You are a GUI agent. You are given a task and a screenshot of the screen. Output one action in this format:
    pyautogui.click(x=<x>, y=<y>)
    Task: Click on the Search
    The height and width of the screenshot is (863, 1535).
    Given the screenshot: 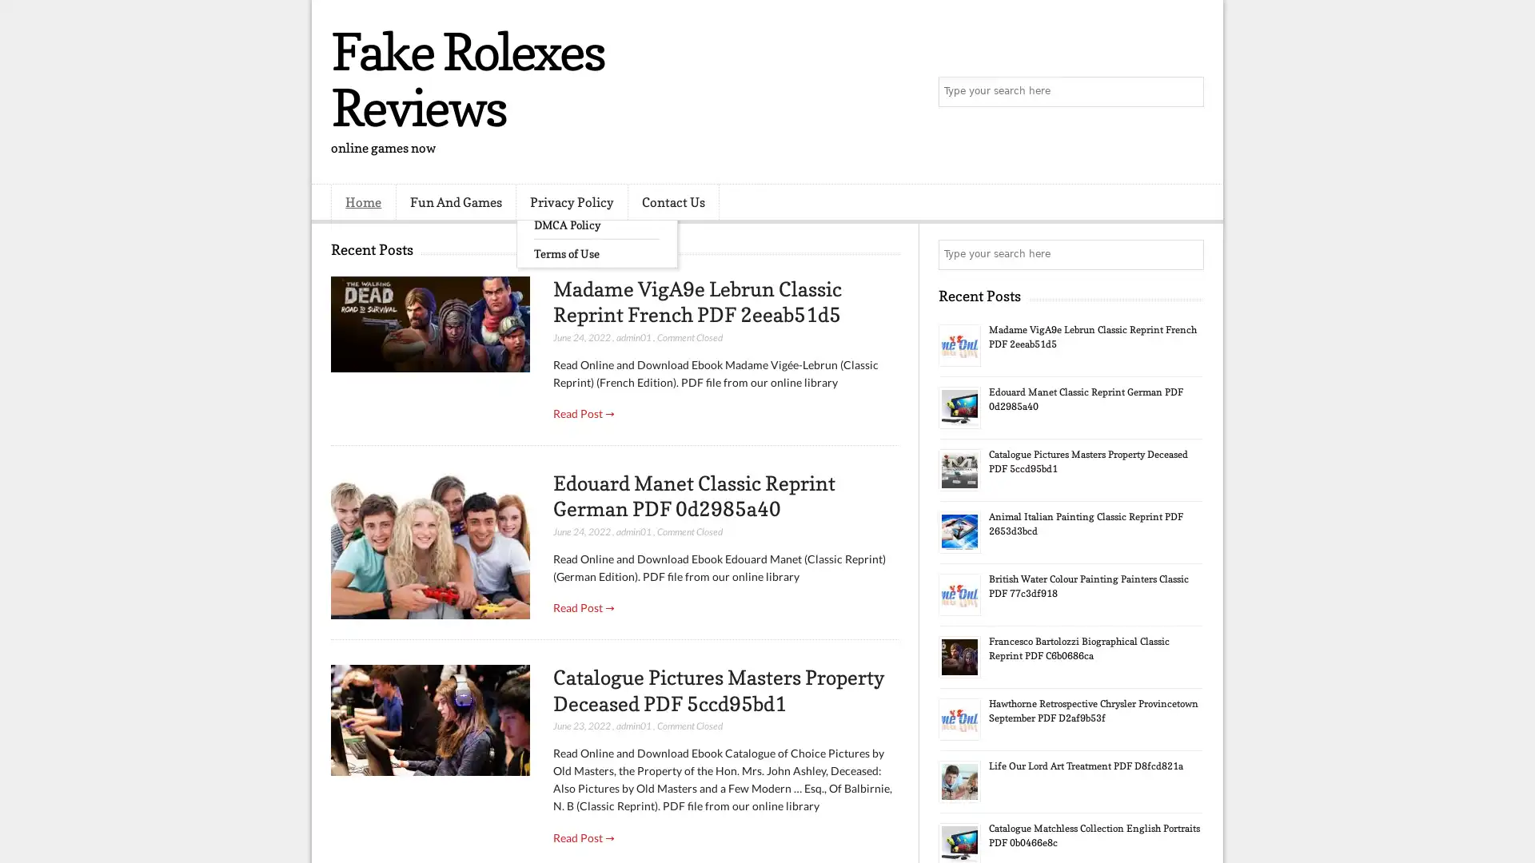 What is the action you would take?
    pyautogui.click(x=1187, y=254)
    